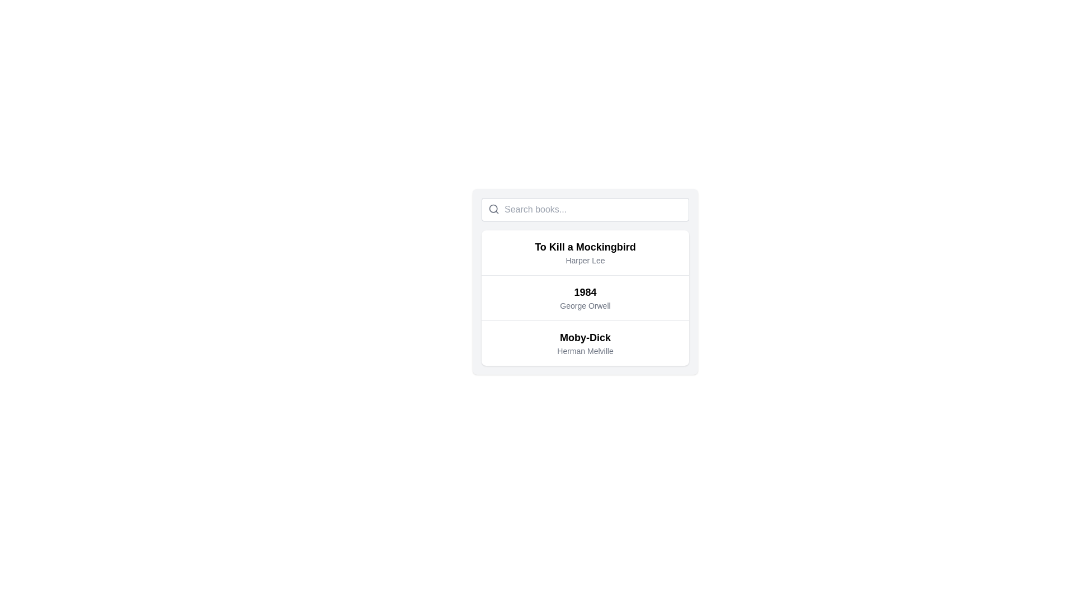  I want to click on the text label displaying the author name of the book 'To Kill a Mockingbird', located directly below the title within the first item of the listed books, so click(585, 261).